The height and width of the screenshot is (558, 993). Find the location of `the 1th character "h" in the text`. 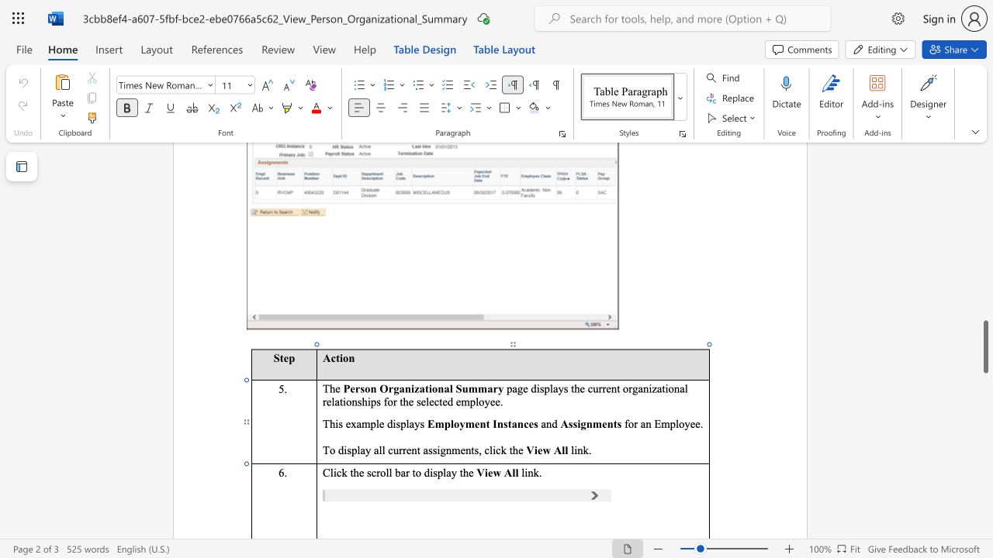

the 1th character "h" in the text is located at coordinates (331, 424).